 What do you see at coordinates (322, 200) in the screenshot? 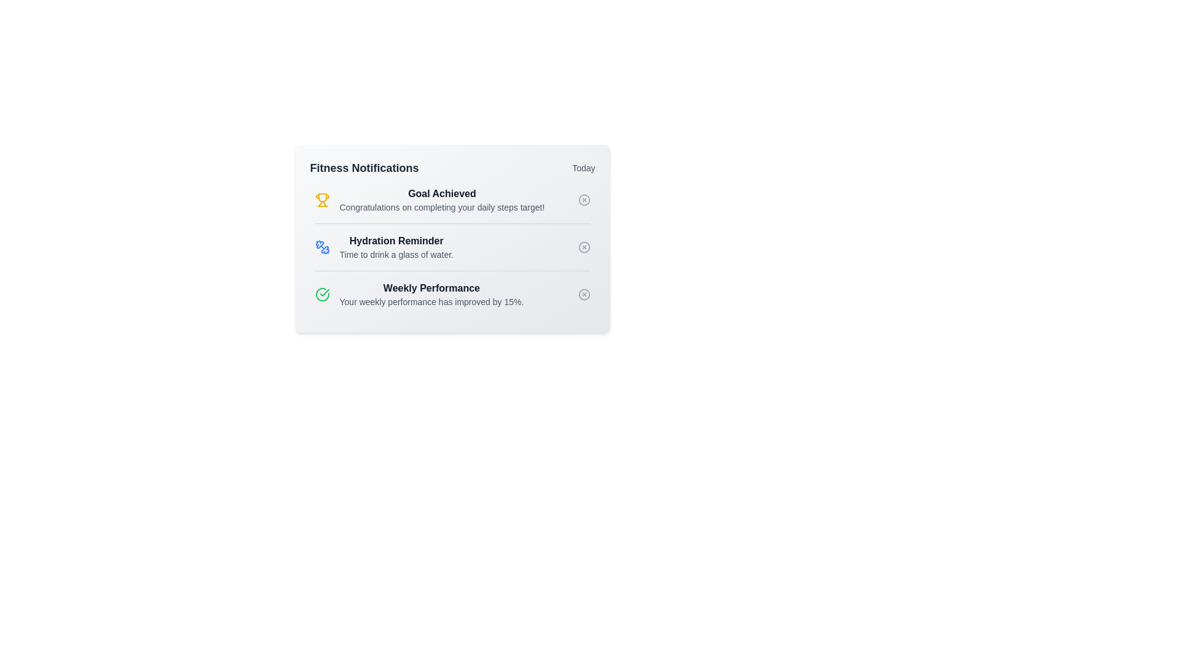
I see `the trophy icon element, which is yellow and located at the top left of the 'Goal Achieved' notification` at bounding box center [322, 200].